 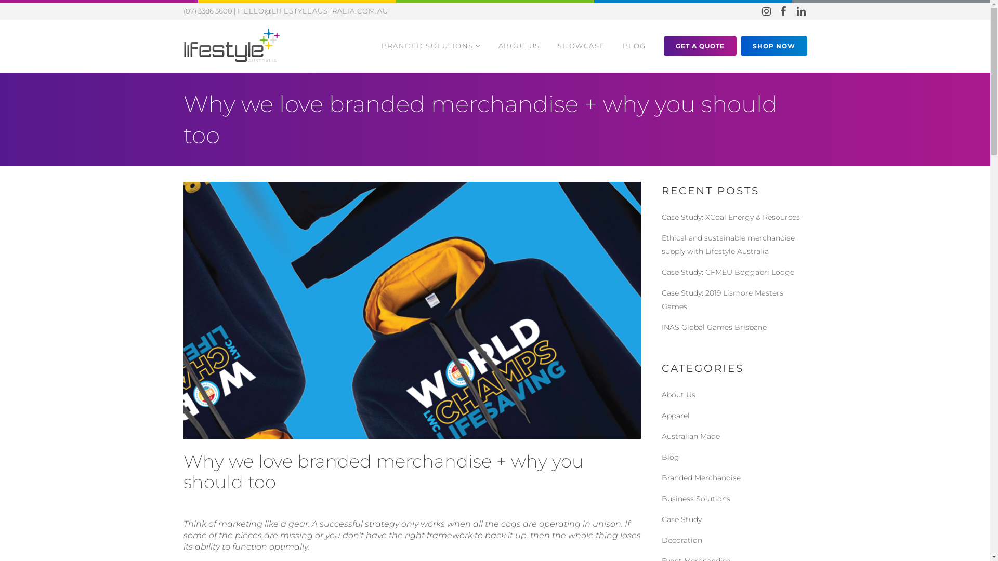 What do you see at coordinates (372, 45) in the screenshot?
I see `'BRANDED SOLUTIONS'` at bounding box center [372, 45].